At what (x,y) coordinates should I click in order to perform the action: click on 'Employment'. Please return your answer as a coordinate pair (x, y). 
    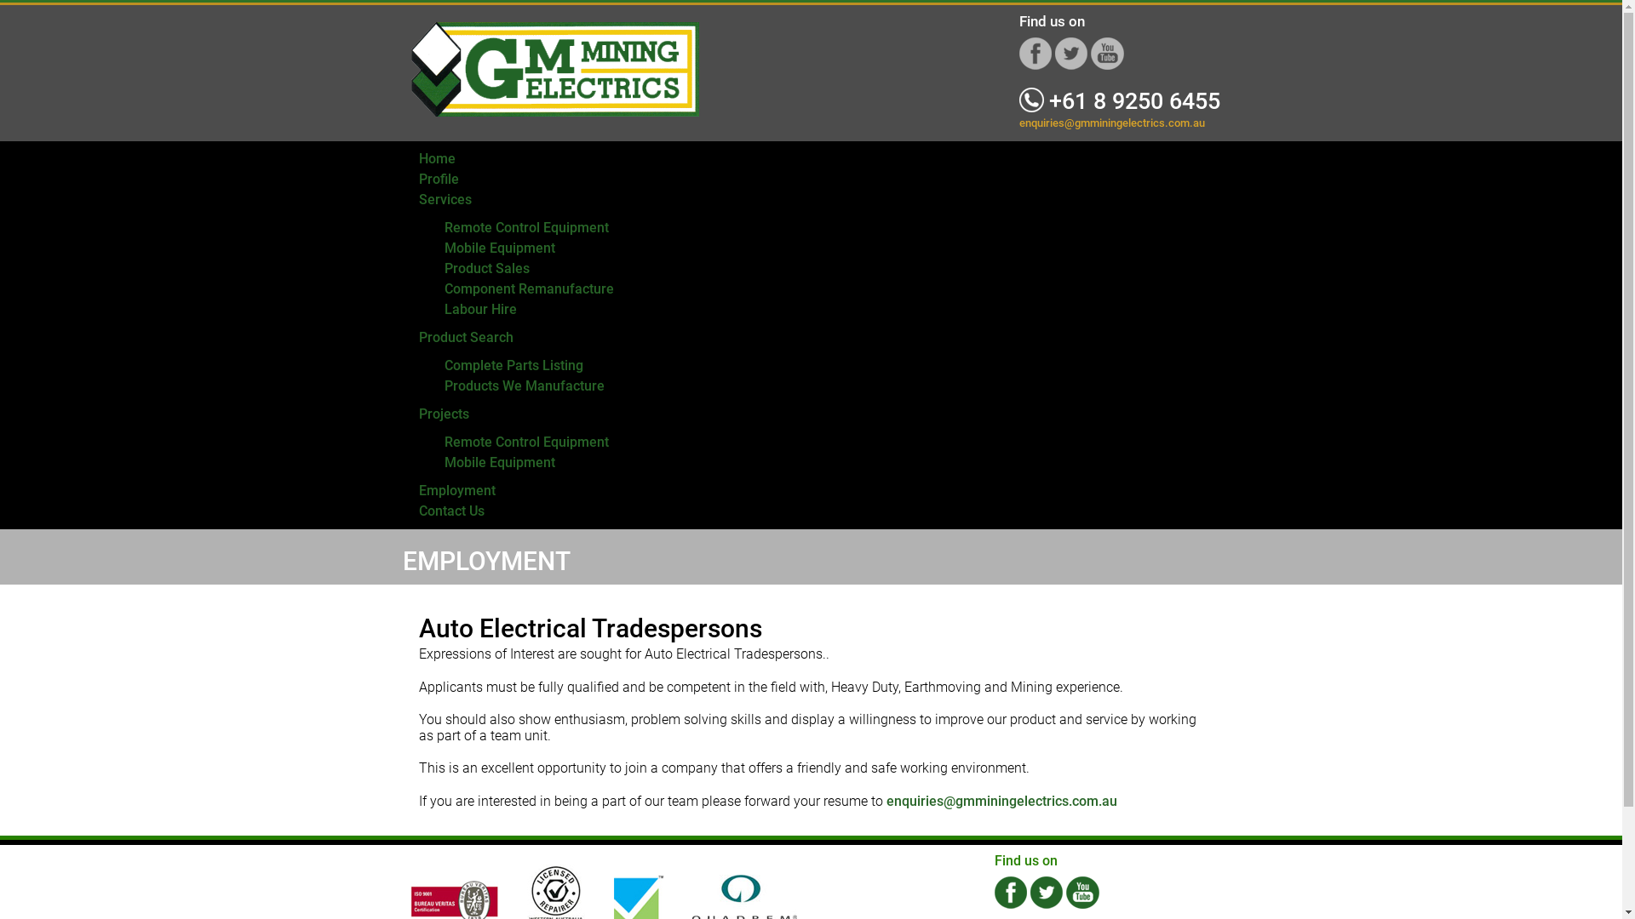
    Looking at the image, I should click on (457, 490).